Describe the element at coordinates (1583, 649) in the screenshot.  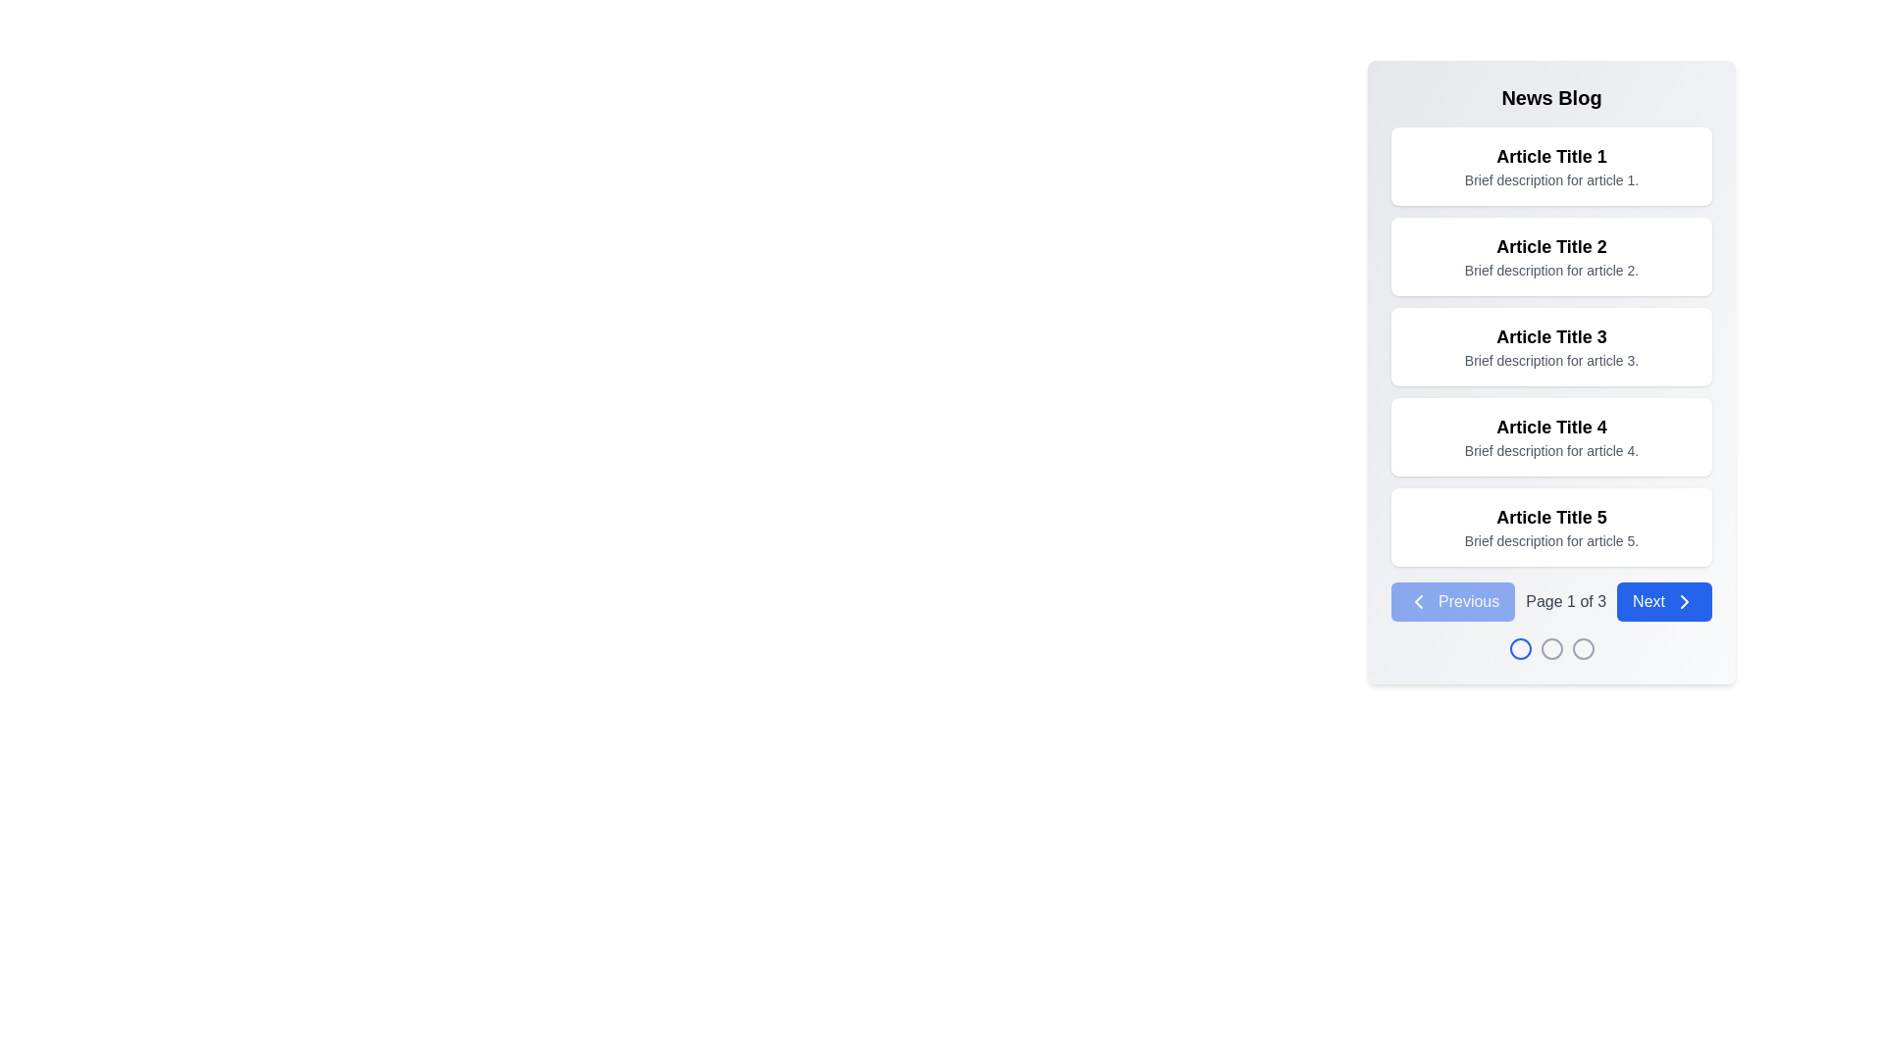
I see `the third circle icon in the pagination section` at that location.